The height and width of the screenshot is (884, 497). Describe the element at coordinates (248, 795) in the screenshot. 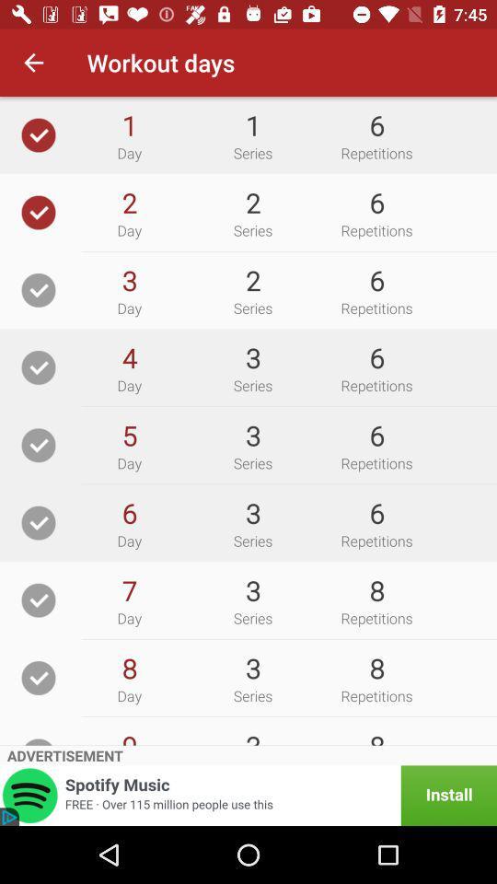

I see `open advertisement` at that location.